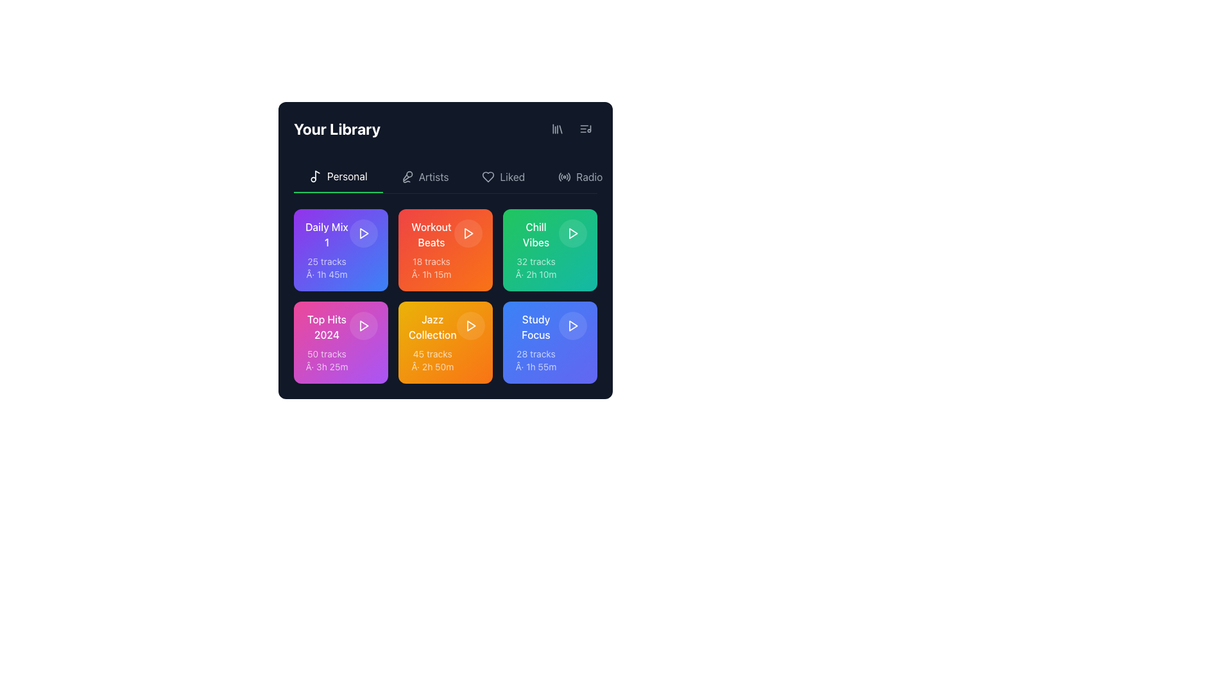 This screenshot has width=1232, height=693. I want to click on the circular button with a musical note icon located in the header, which is the second button from the right in a row of similar buttons, so click(585, 128).